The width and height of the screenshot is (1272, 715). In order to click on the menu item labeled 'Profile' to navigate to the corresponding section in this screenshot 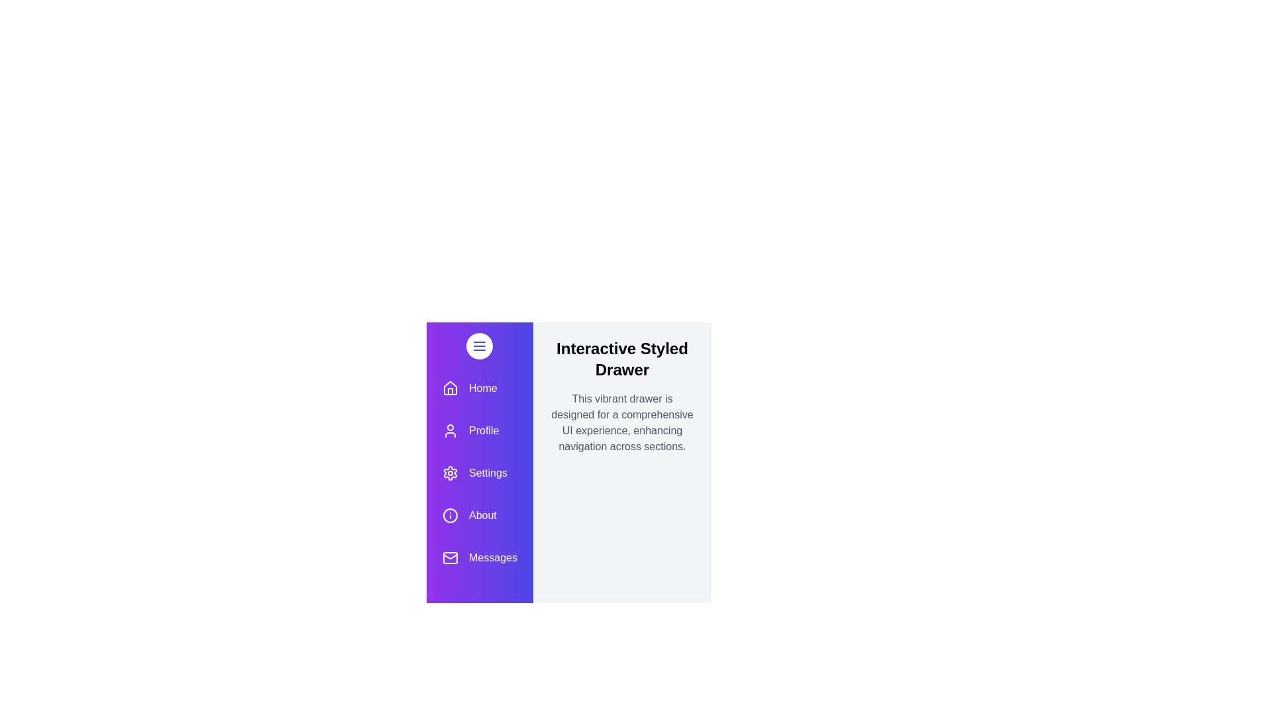, I will do `click(479, 431)`.